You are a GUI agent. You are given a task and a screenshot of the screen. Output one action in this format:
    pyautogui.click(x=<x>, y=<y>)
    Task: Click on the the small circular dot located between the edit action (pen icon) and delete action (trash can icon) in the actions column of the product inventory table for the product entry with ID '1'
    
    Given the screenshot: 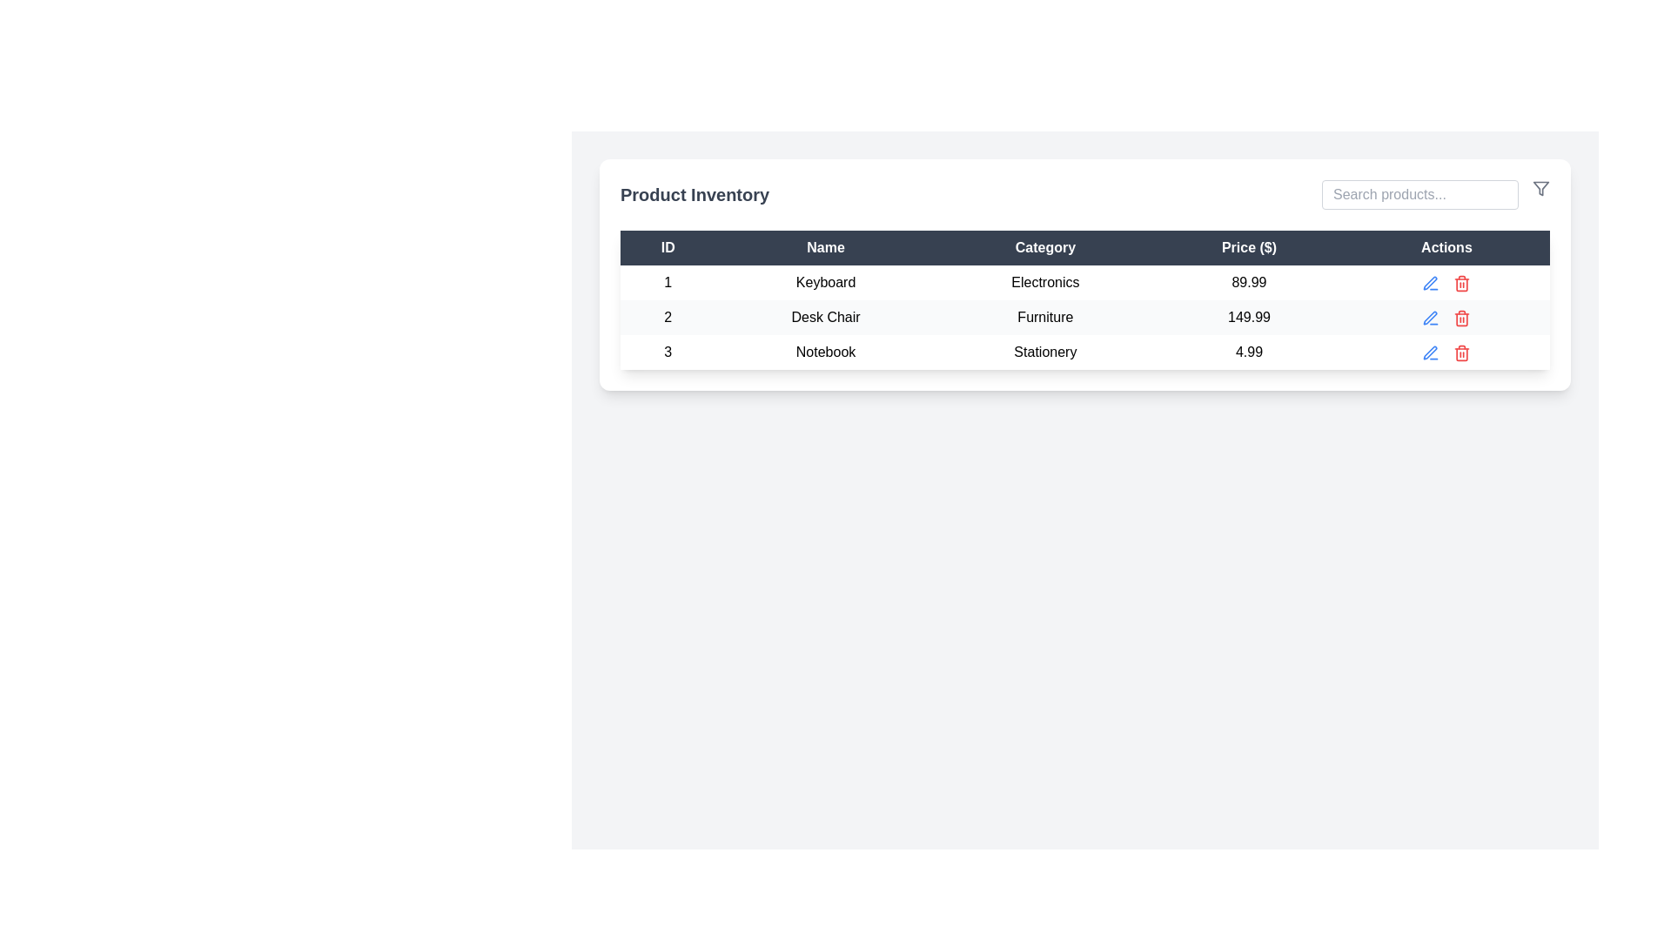 What is the action you would take?
    pyautogui.click(x=1446, y=281)
    